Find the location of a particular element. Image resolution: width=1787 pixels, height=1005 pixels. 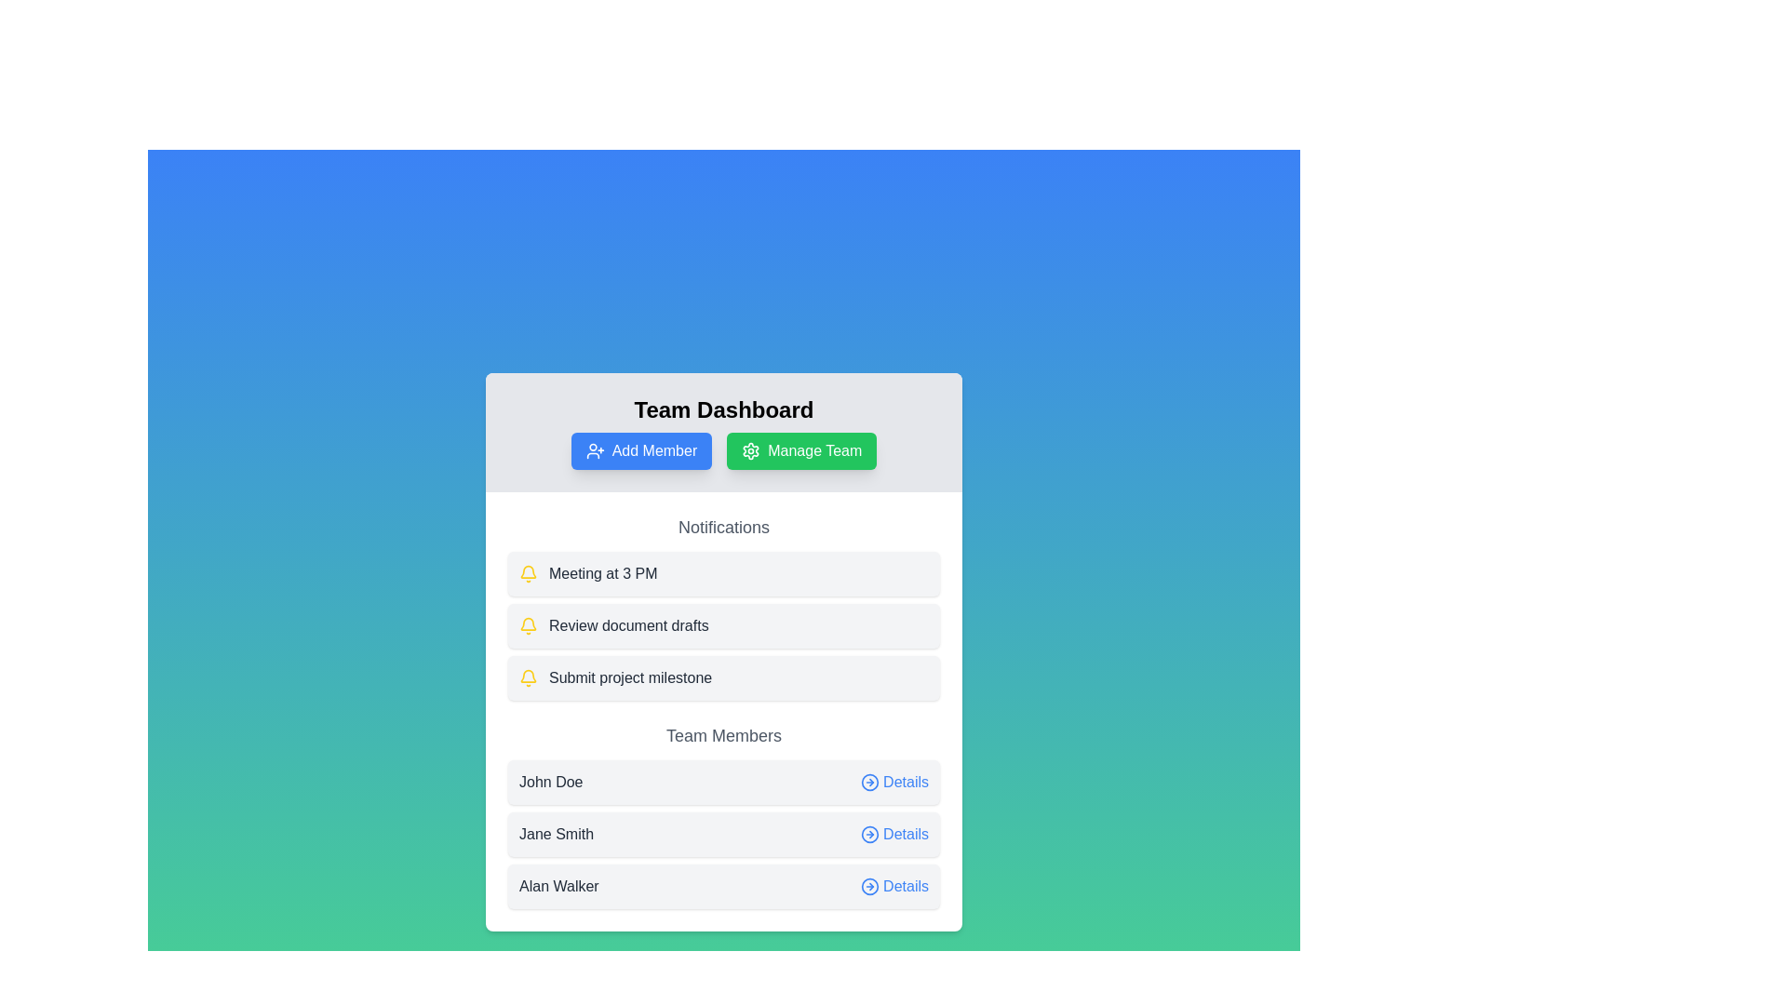

the bell-shaped yellow icon located to the left of the 'Submit project milestone' notification text in the Notifications section is located at coordinates (527, 678).